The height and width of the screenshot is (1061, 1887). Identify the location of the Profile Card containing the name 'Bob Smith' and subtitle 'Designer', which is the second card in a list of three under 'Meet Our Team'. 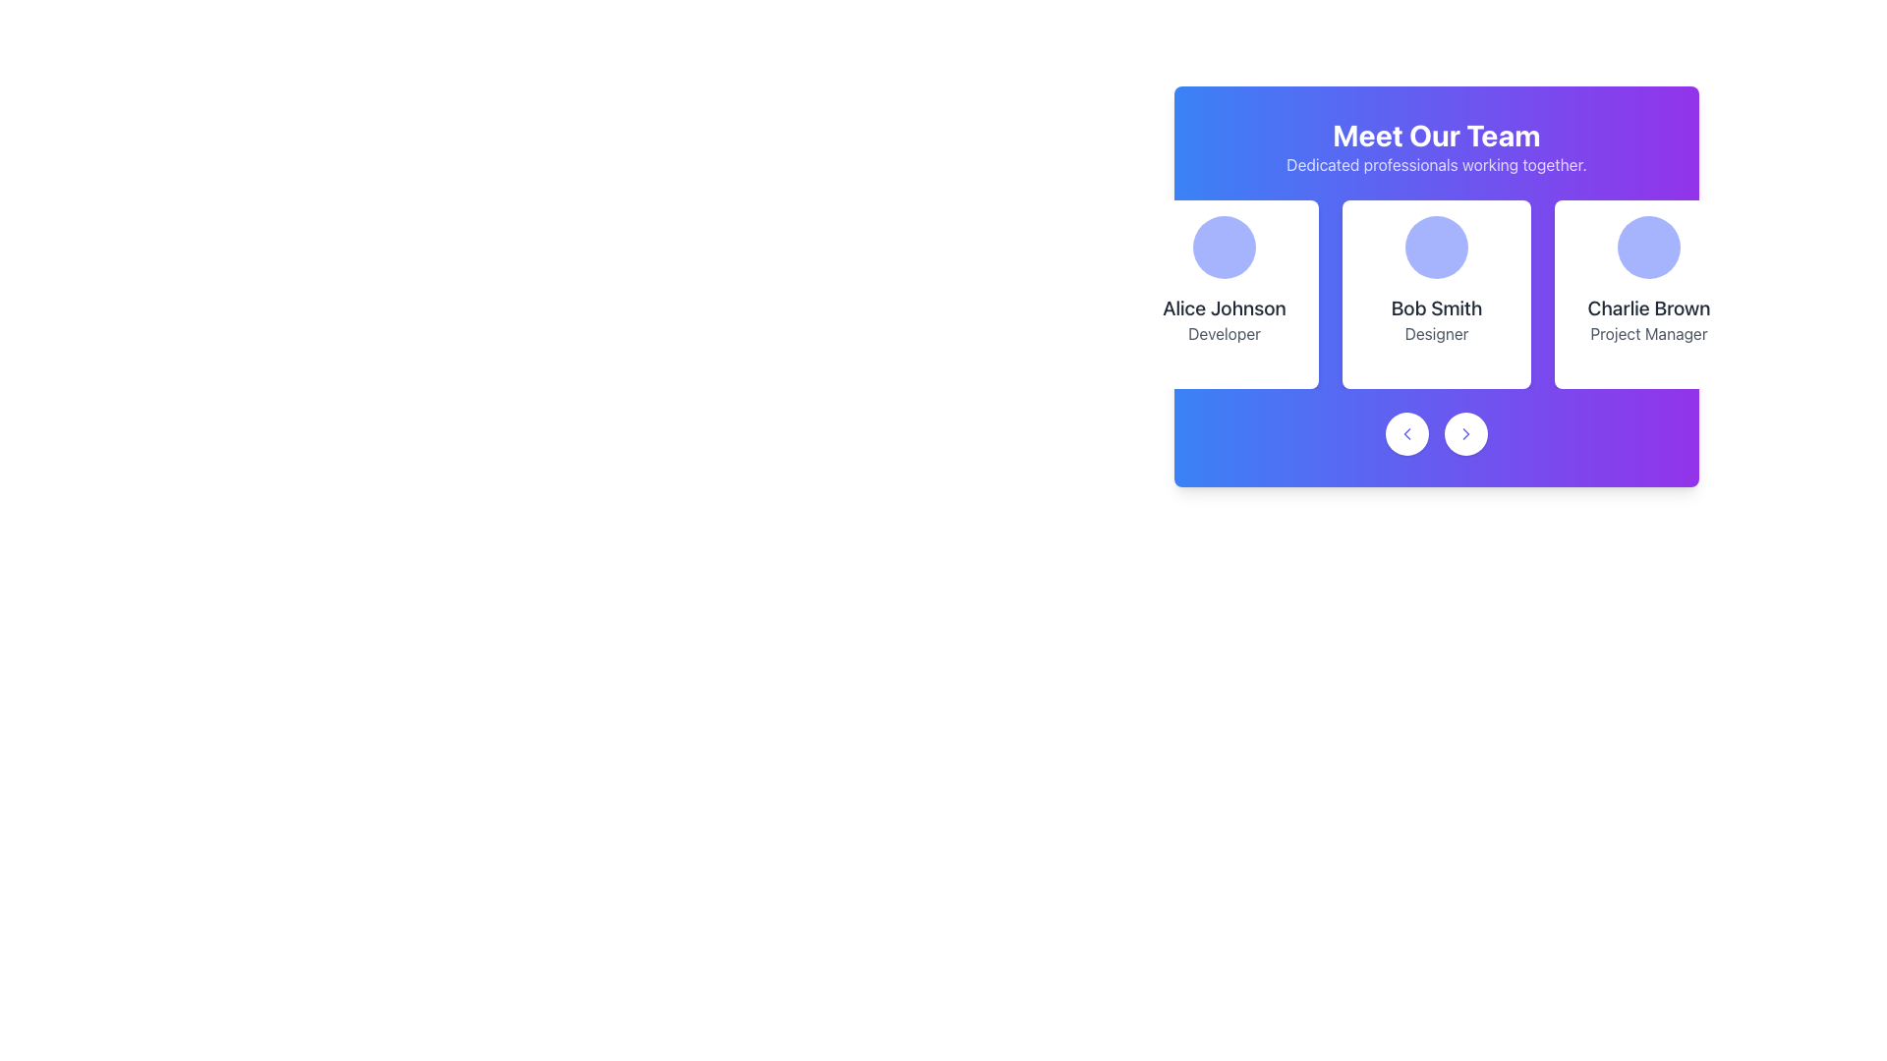
(1437, 295).